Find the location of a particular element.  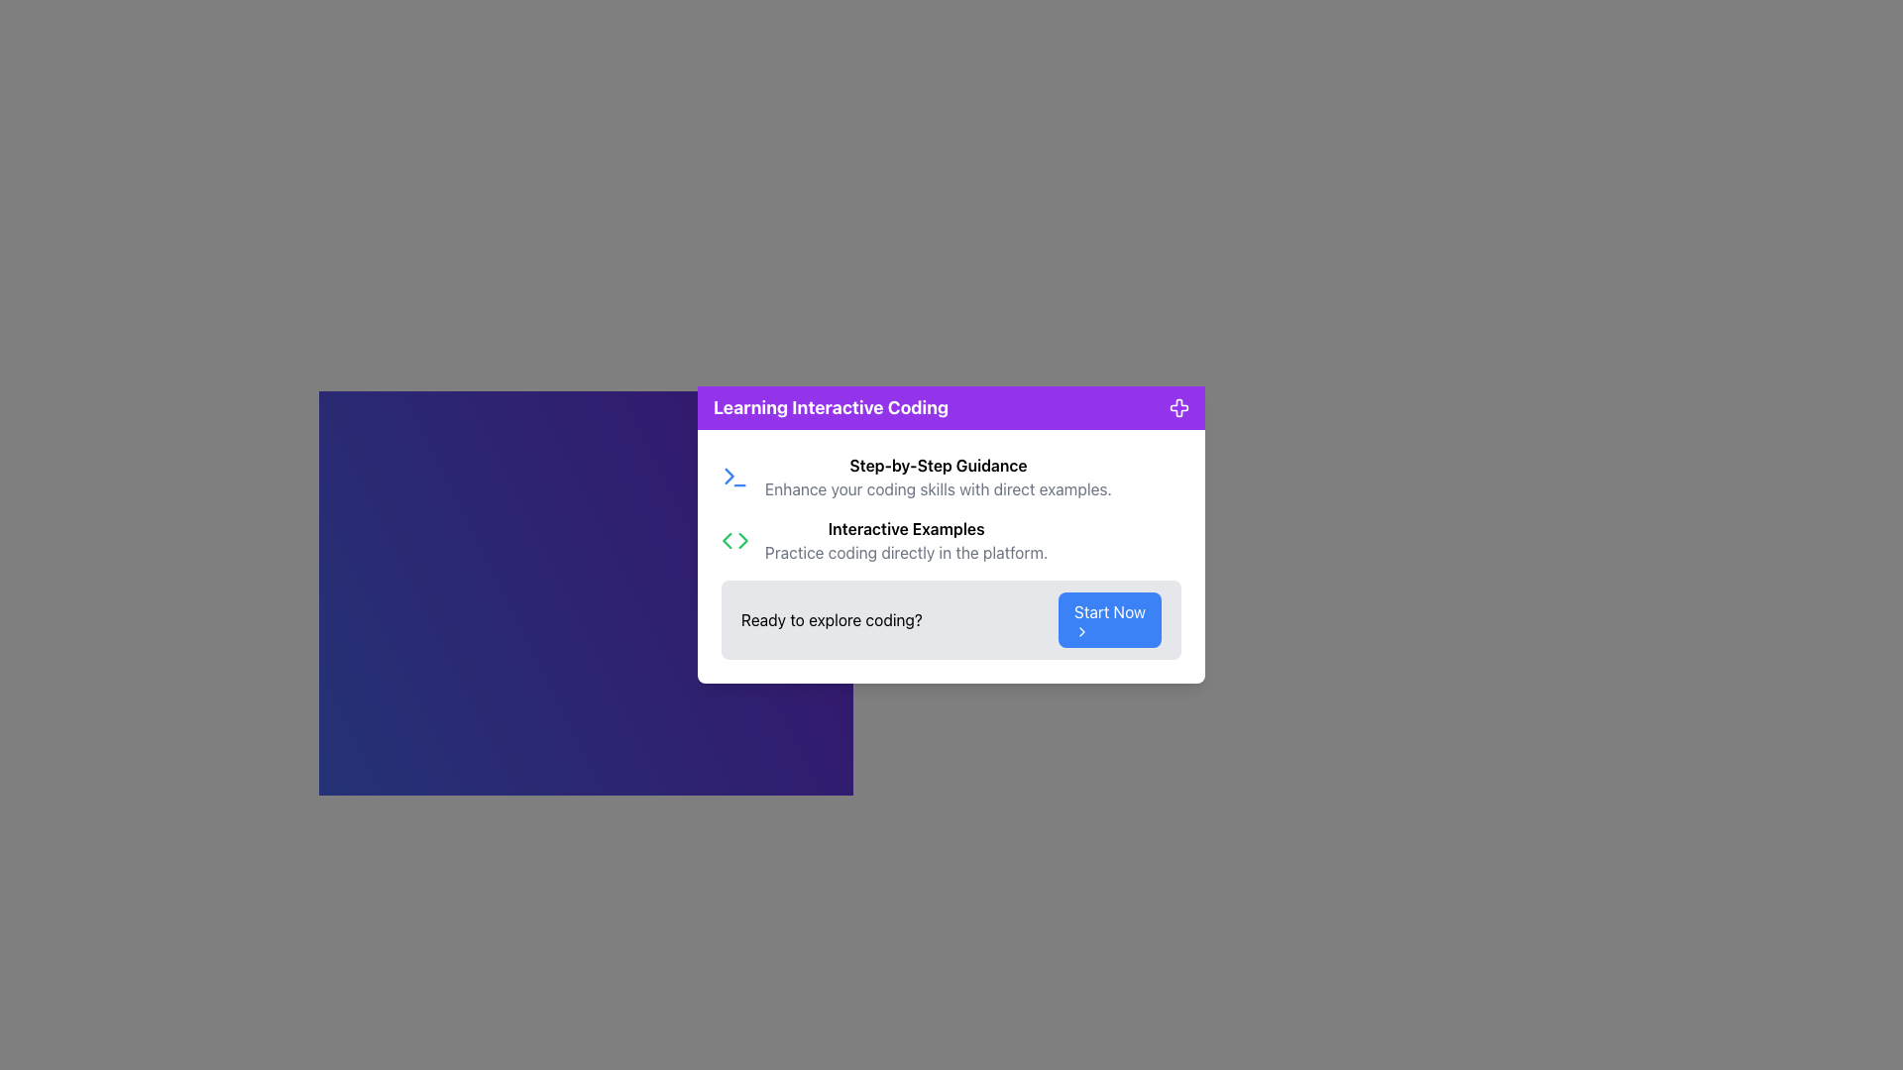

the rightward-pointing chevron icon located within the blue rounded rectangular button labeled 'Start Now' in the 'Learning Interactive Coding' dialog is located at coordinates (1080, 631).